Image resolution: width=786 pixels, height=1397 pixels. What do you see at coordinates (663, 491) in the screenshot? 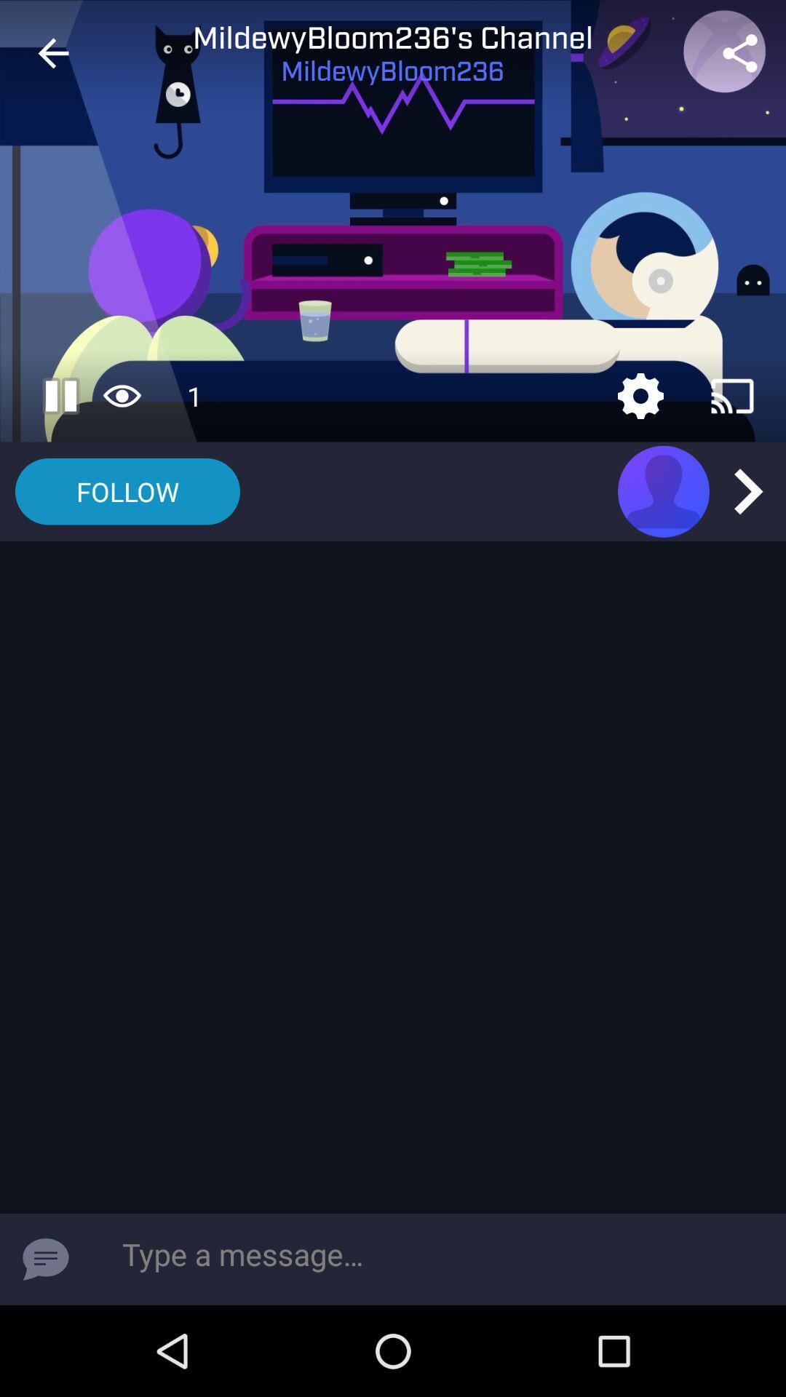
I see `the avatar icon` at bounding box center [663, 491].